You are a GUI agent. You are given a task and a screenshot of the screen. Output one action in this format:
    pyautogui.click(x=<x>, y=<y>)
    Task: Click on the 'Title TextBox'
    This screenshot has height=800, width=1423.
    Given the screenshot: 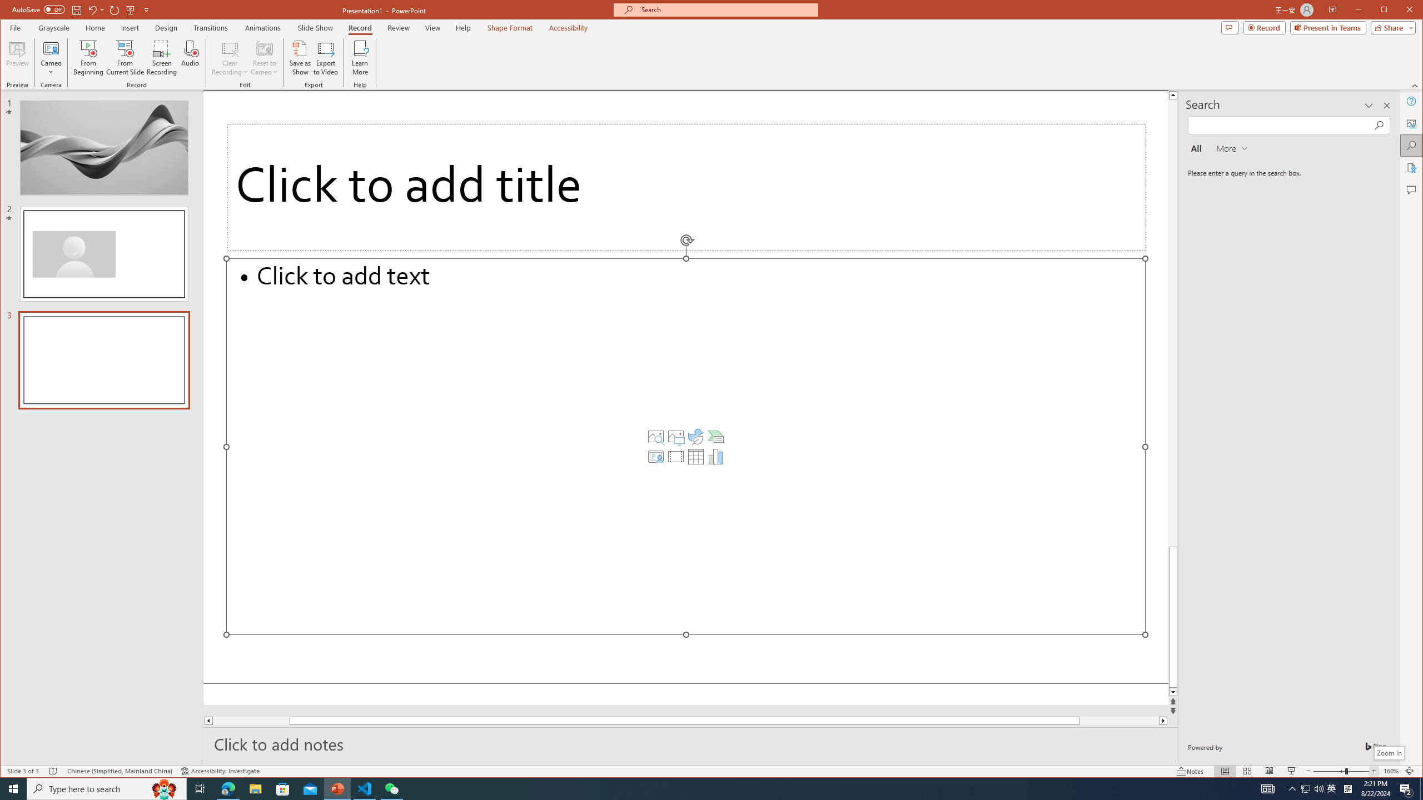 What is the action you would take?
    pyautogui.click(x=685, y=187)
    